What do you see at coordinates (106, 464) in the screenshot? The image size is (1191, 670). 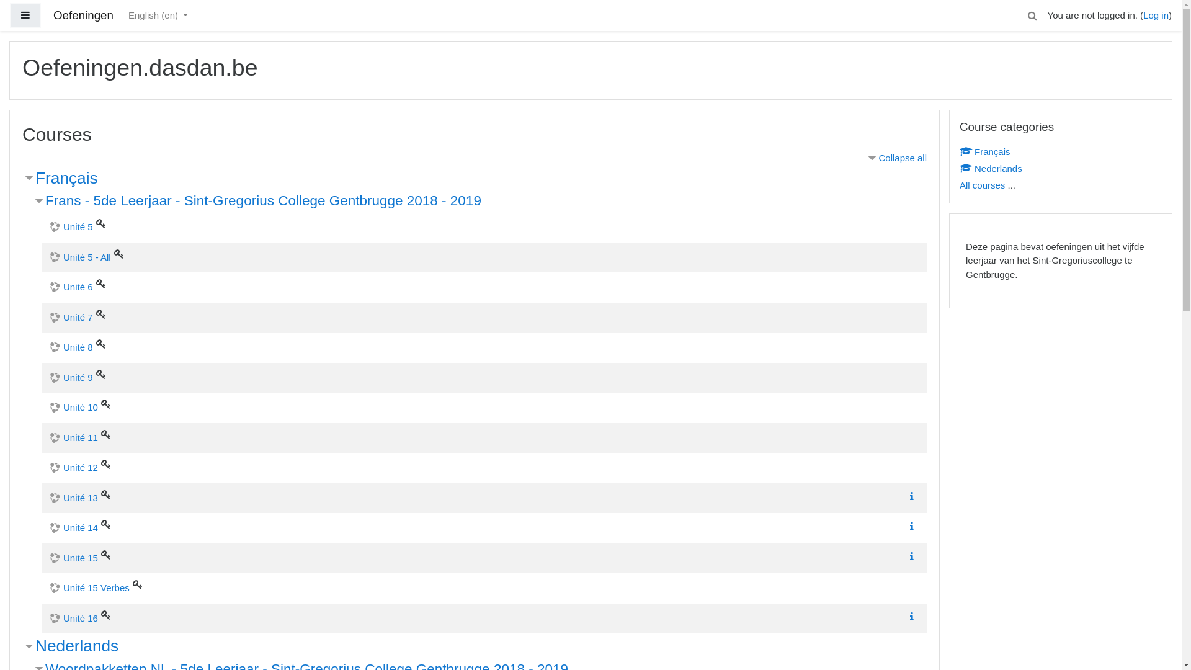 I see `'Self enrolment'` at bounding box center [106, 464].